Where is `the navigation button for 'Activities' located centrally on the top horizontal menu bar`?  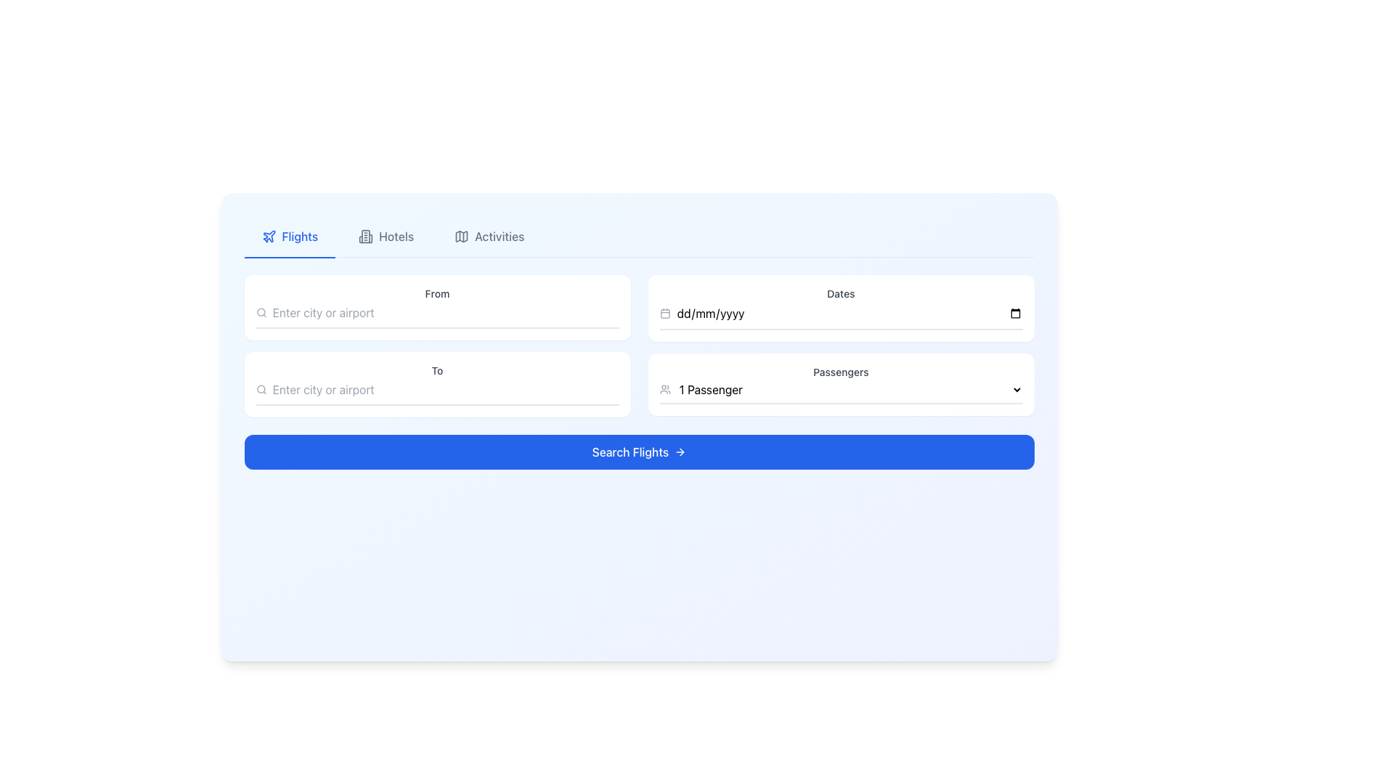
the navigation button for 'Activities' located centrally on the top horizontal menu bar is located at coordinates (489, 236).